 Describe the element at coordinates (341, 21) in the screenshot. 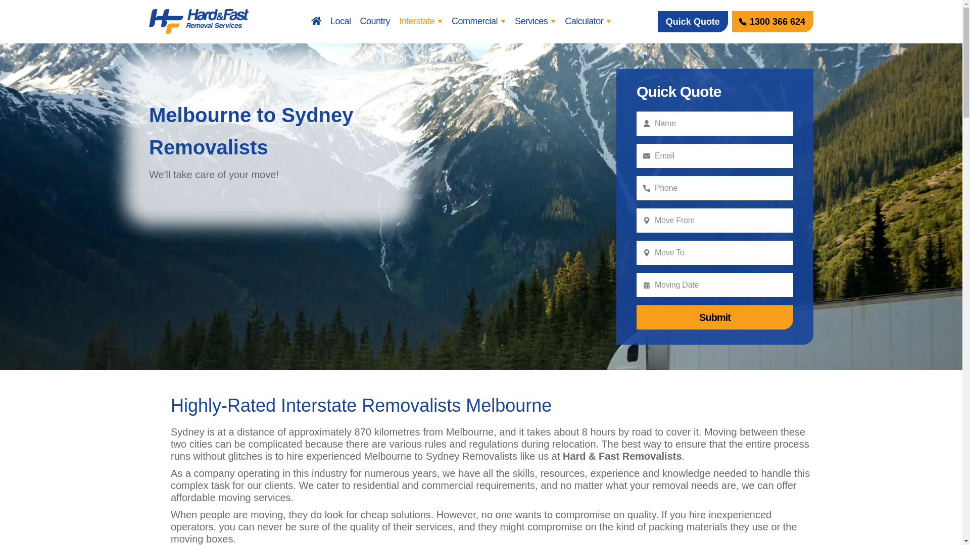

I see `'Local'` at that location.